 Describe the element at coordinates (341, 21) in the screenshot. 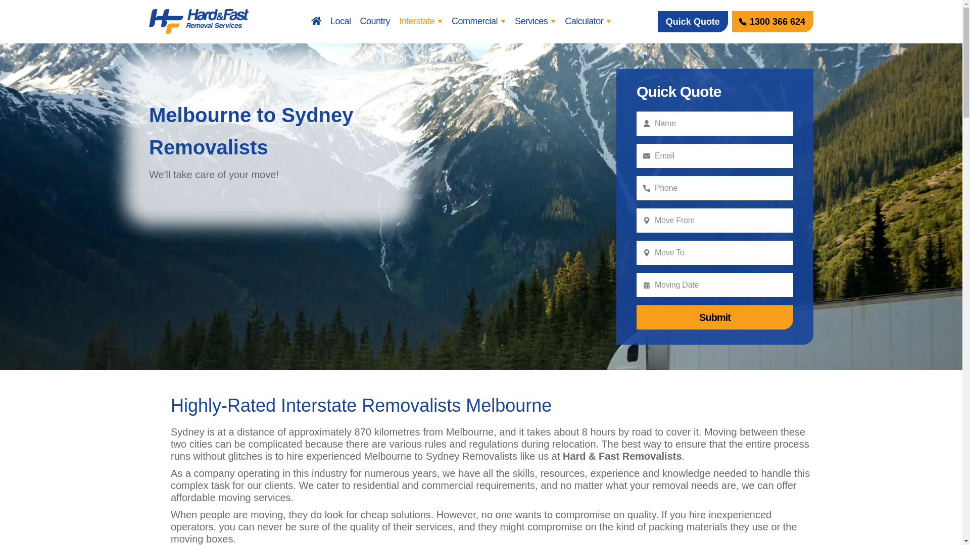

I see `'Local'` at that location.